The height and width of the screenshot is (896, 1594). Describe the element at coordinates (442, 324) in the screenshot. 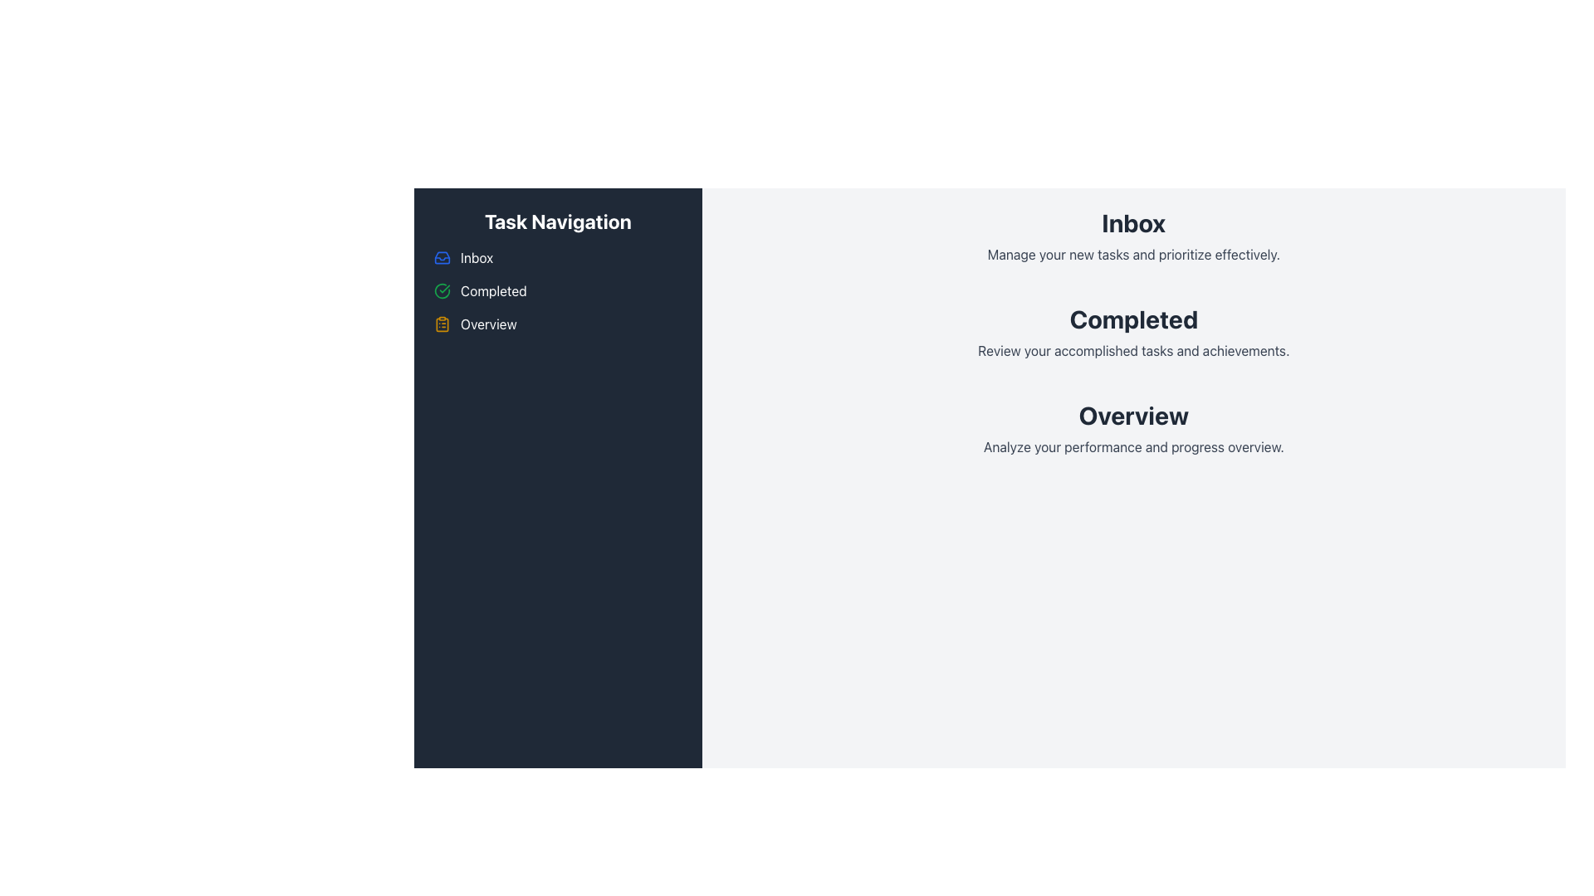

I see `the 'Overview' icon in the left navigation panel to observe its appearance` at that location.